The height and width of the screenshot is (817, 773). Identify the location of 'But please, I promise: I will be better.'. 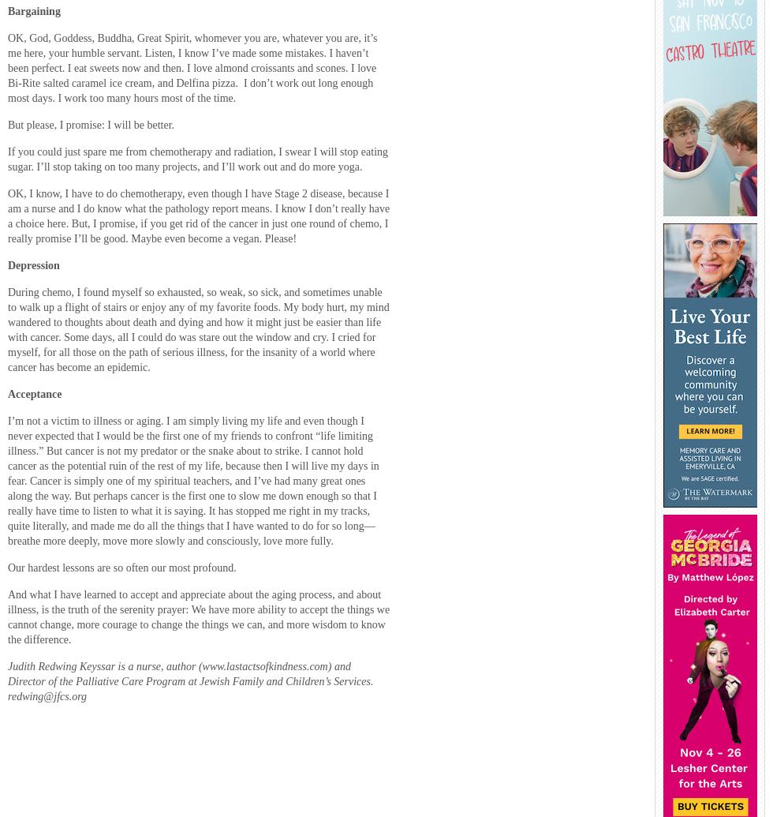
(7, 124).